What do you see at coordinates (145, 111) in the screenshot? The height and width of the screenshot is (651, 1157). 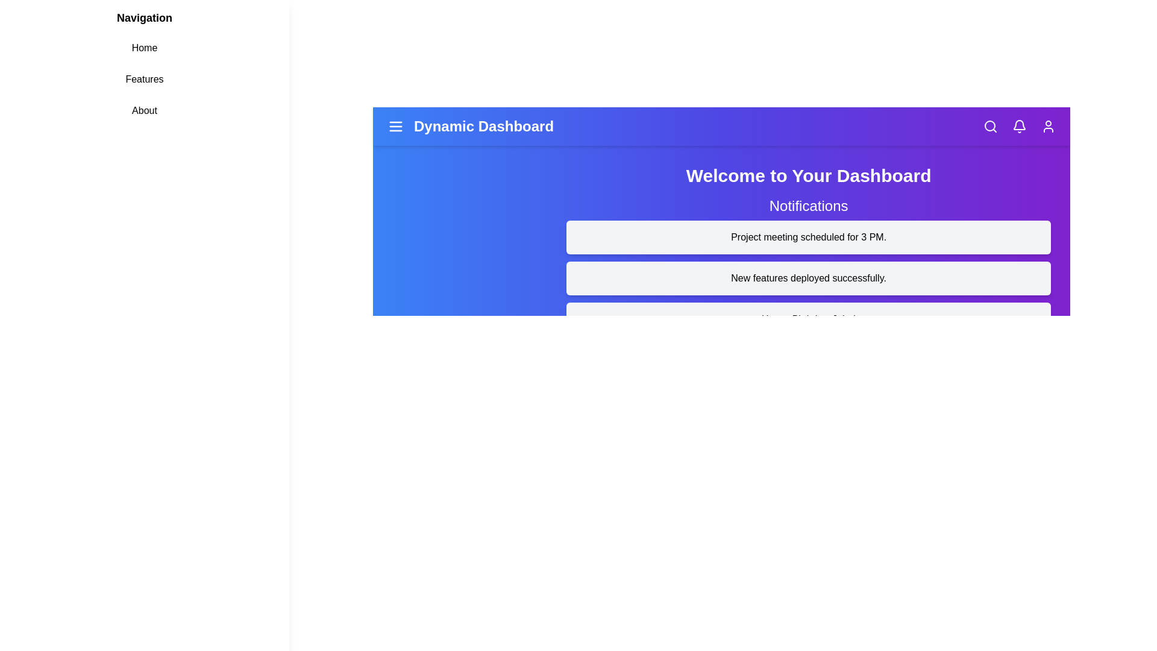 I see `the 'About' link in the navigation menu` at bounding box center [145, 111].